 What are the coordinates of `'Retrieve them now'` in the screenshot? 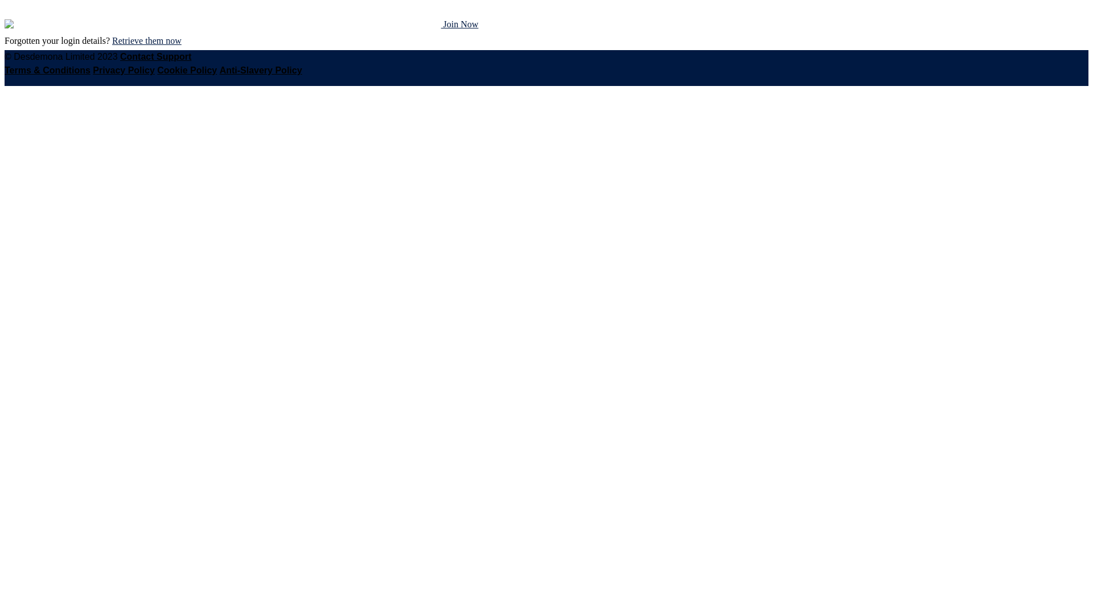 It's located at (146, 40).